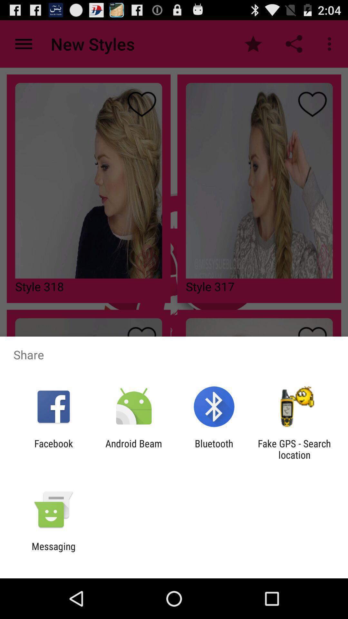  Describe the element at coordinates (133, 449) in the screenshot. I see `icon to the left of bluetooth app` at that location.